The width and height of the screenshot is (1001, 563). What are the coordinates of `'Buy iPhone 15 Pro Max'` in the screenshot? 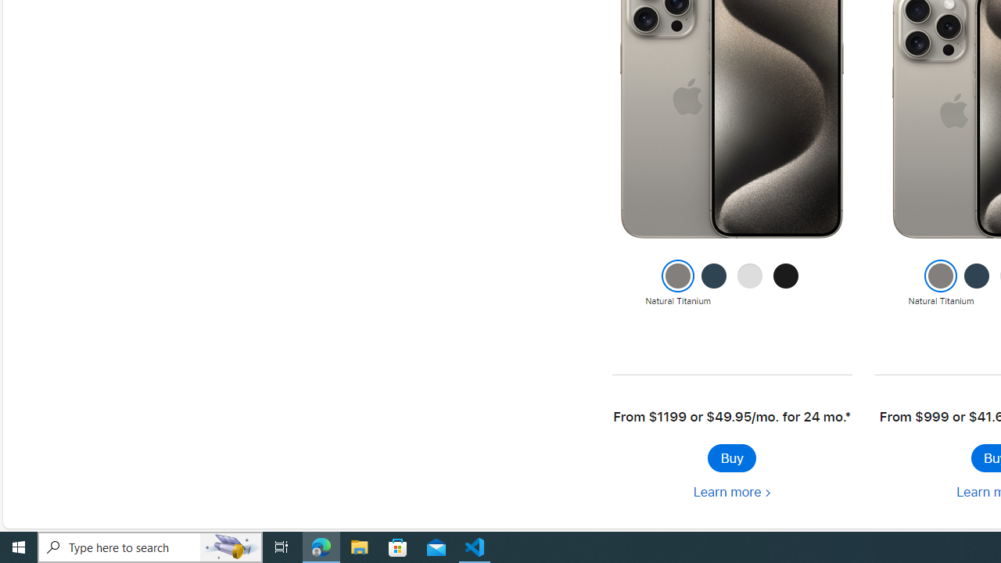 It's located at (730, 457).